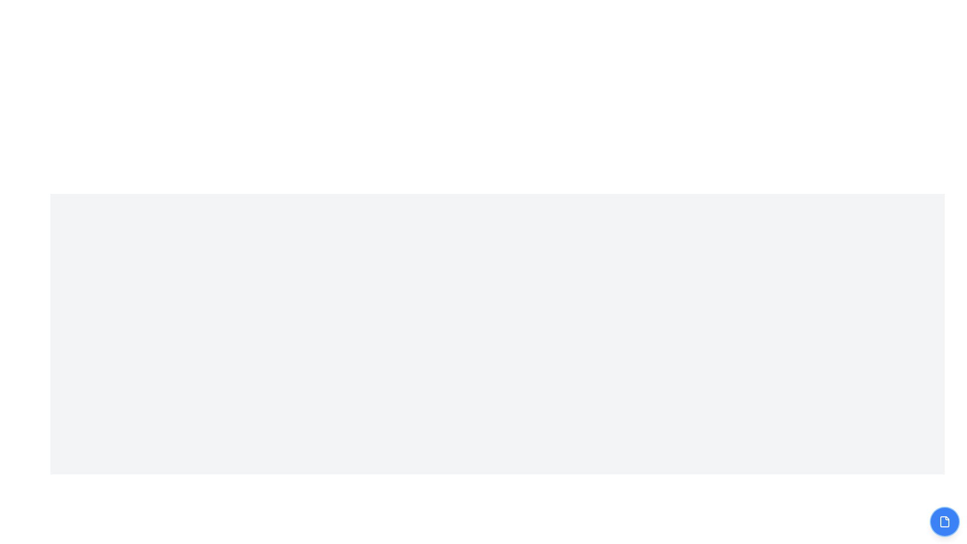 The width and height of the screenshot is (967, 544). Describe the element at coordinates (944, 521) in the screenshot. I see `the icon` at that location.